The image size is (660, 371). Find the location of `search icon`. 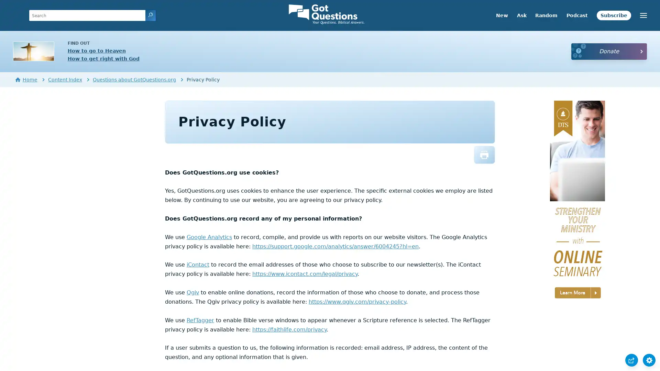

search icon is located at coordinates (150, 15).